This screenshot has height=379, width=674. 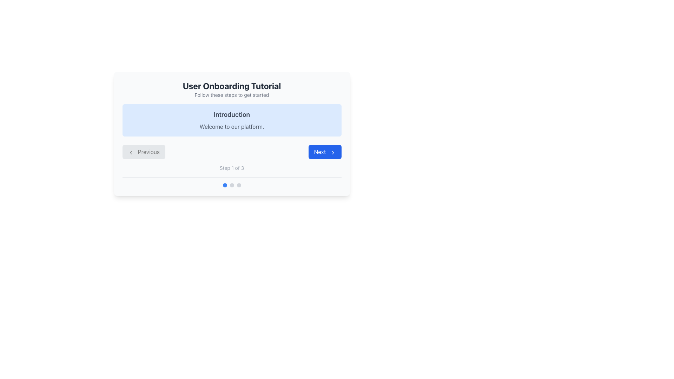 I want to click on the 'Next' button with a blue background and white text, located in the lower right corner of the onboarding tutorial modal to observe any hover-specific styling effects, so click(x=324, y=151).